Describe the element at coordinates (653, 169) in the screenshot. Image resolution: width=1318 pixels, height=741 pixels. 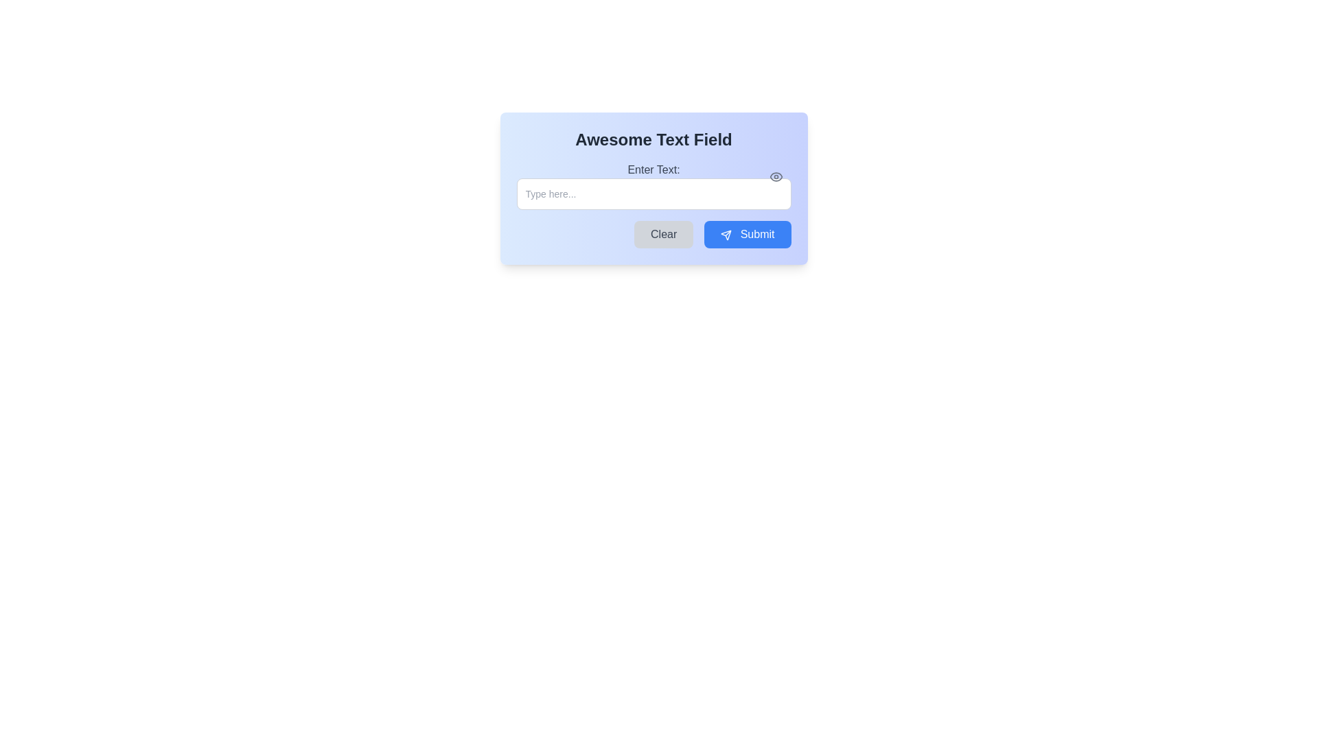
I see `the text label that reads 'Enter Text:' which is styled in gray color and positioned above the password input field` at that location.